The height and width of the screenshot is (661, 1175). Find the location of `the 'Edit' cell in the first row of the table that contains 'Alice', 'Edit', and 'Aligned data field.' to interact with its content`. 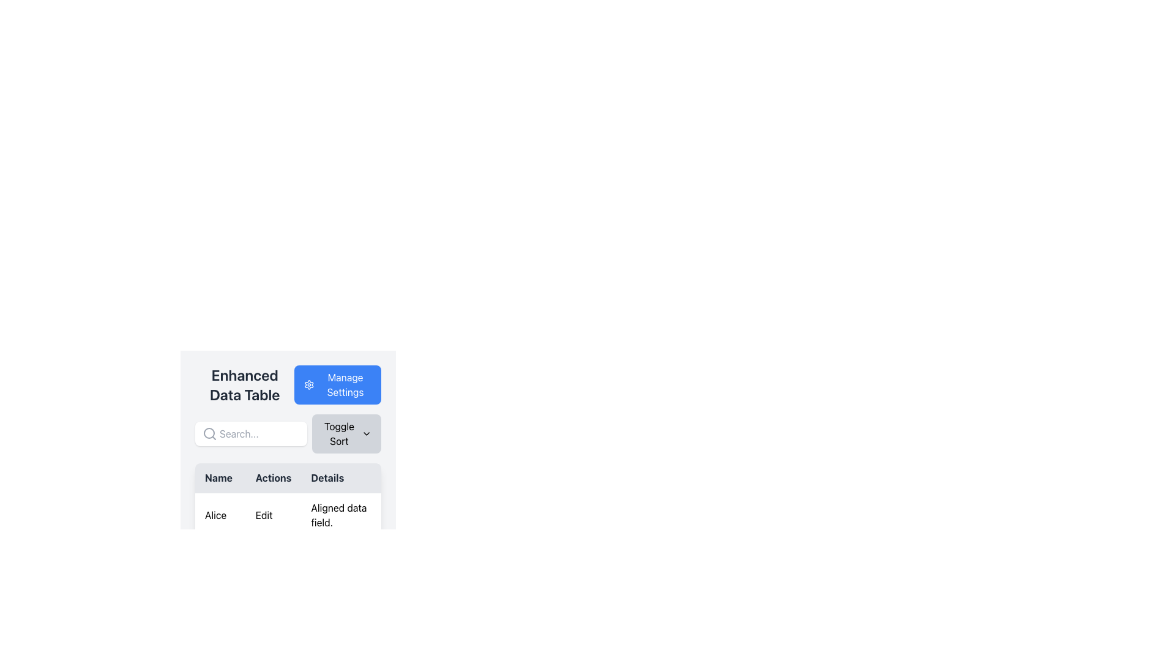

the 'Edit' cell in the first row of the table that contains 'Alice', 'Edit', and 'Aligned data field.' to interact with its content is located at coordinates (287, 515).